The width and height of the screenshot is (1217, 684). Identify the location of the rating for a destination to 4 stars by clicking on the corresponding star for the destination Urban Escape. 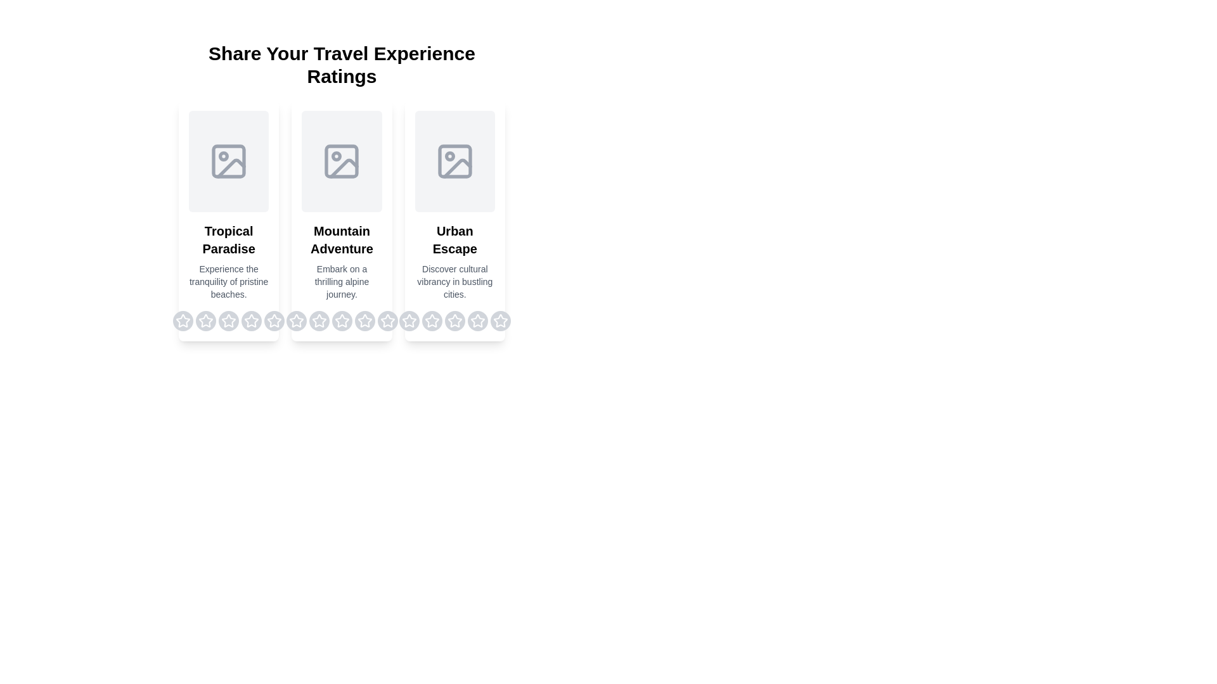
(477, 320).